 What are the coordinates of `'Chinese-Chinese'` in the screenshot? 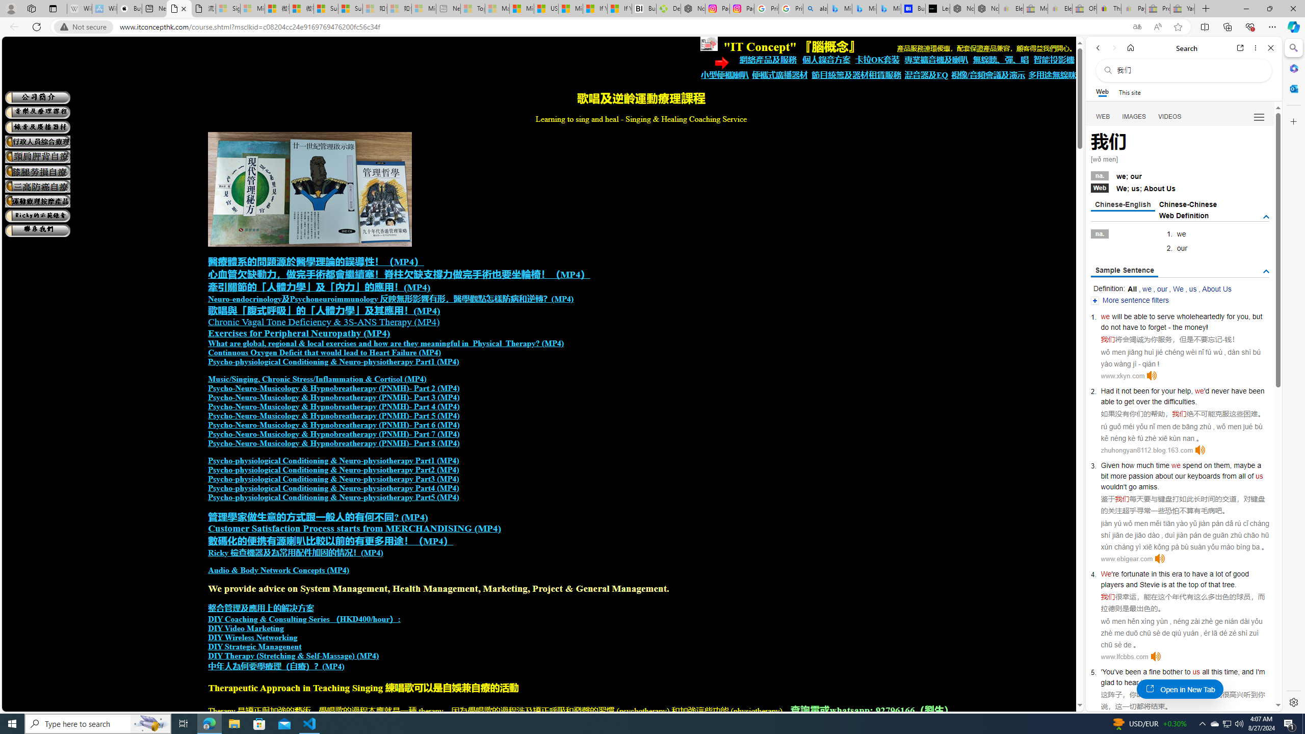 It's located at (1187, 204).